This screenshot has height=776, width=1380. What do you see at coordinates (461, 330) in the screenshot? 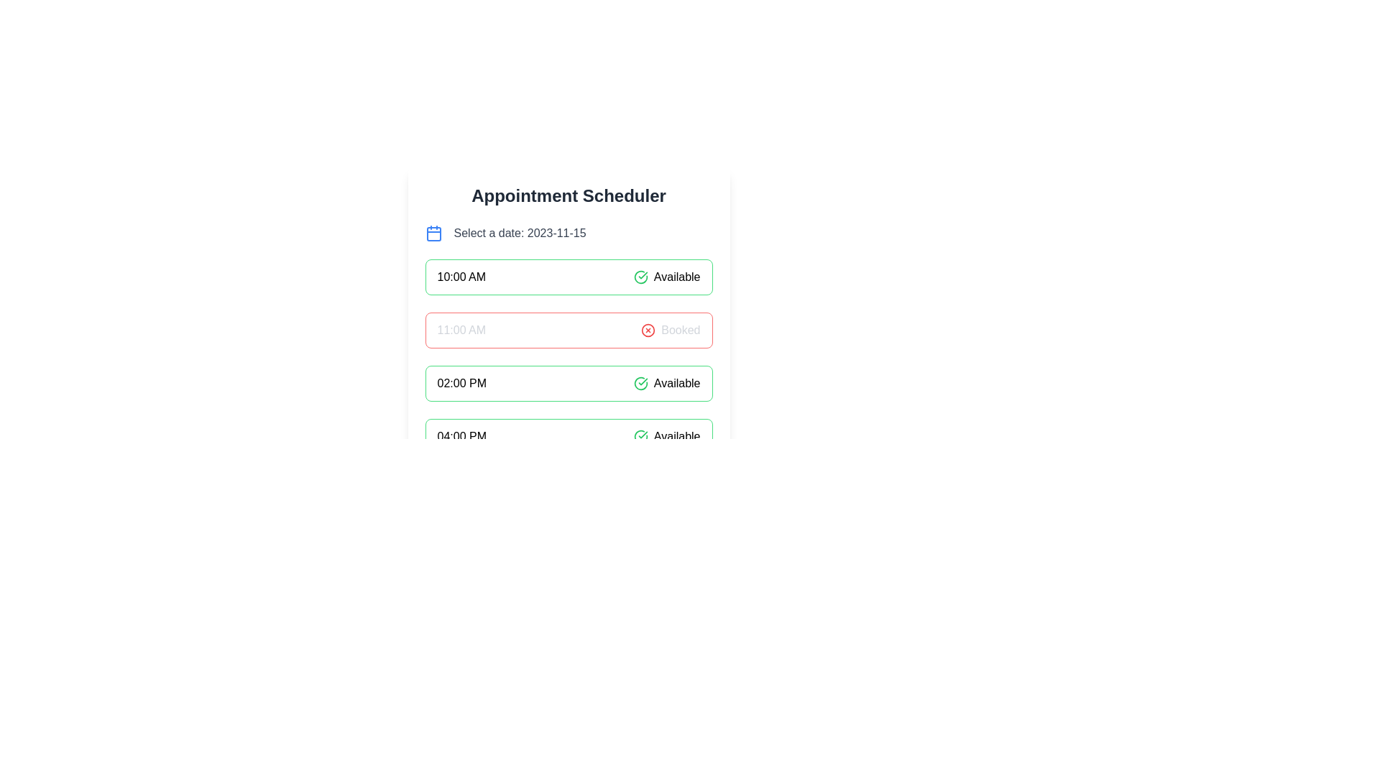
I see `the static text label displaying '11:00 AM' within the booking schedule card` at bounding box center [461, 330].